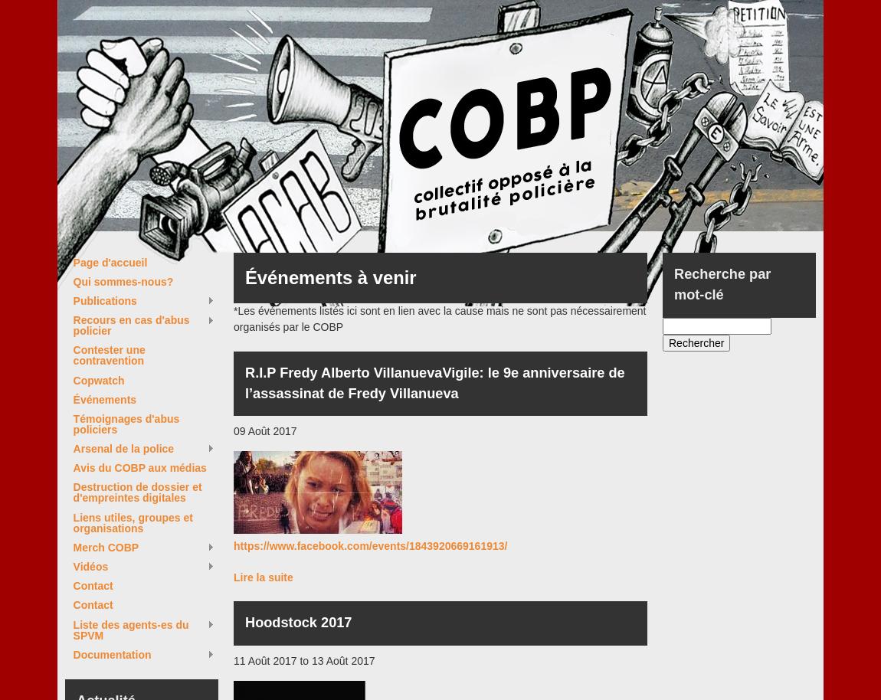  What do you see at coordinates (370, 545) in the screenshot?
I see `'https://www.facebook.com/events/1843920669161913/'` at bounding box center [370, 545].